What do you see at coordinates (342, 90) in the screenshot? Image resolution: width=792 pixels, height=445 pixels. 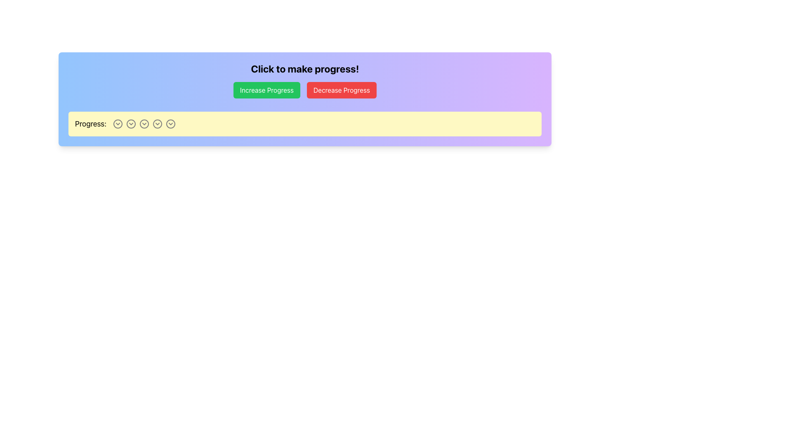 I see `the 'Decrease Progress' button, which is a red rectangular button with rounded corners` at bounding box center [342, 90].